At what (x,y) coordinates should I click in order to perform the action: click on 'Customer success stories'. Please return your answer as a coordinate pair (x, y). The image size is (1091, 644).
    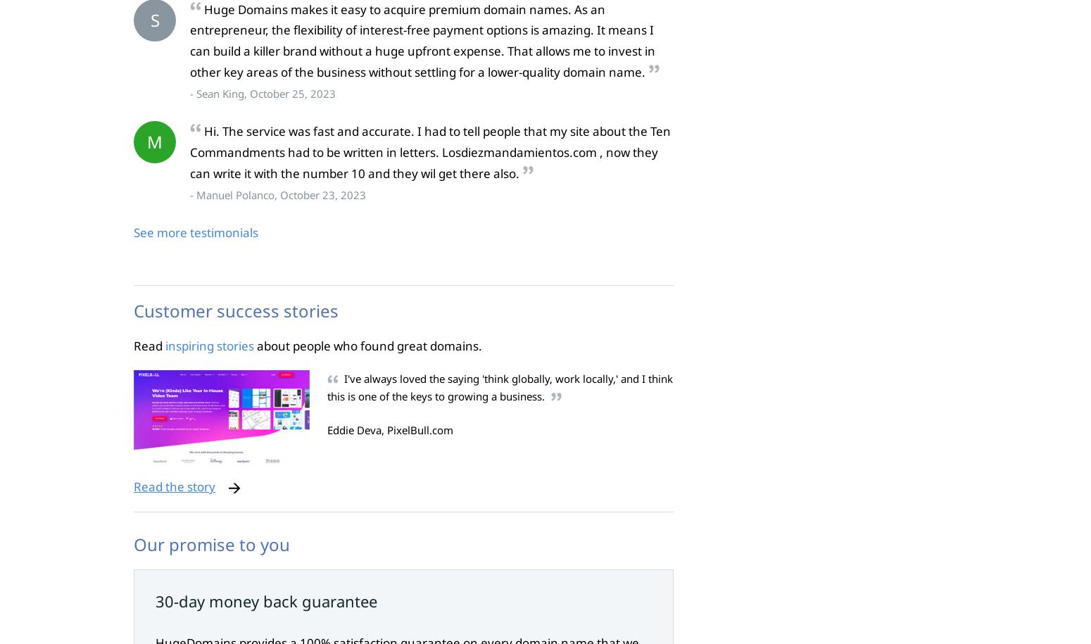
    Looking at the image, I should click on (235, 310).